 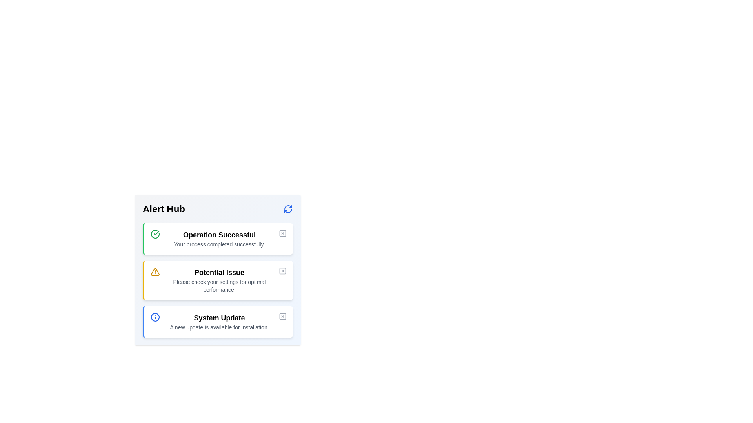 I want to click on the label or heading text in the second alert card within the alert hub interface, which serves as the title or headline for the associated alert, so click(x=219, y=272).